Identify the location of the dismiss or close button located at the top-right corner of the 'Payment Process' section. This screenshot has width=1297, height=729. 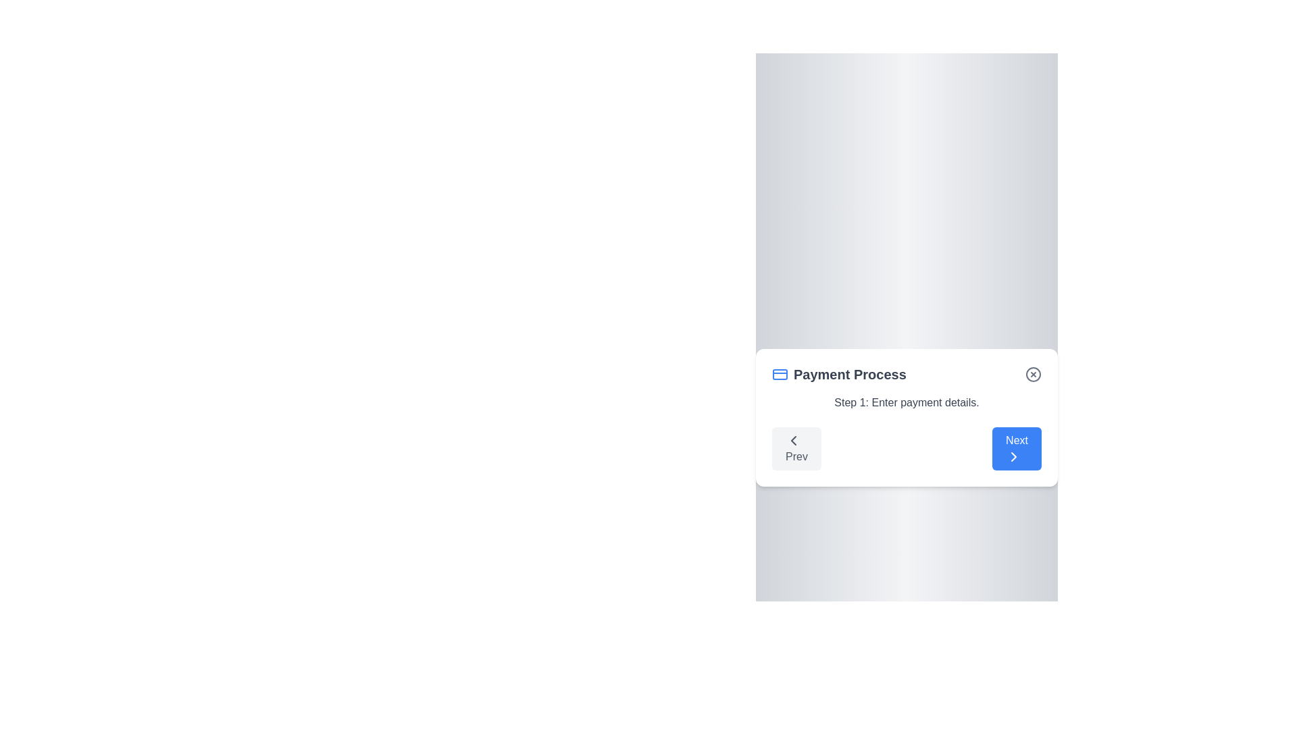
(1033, 375).